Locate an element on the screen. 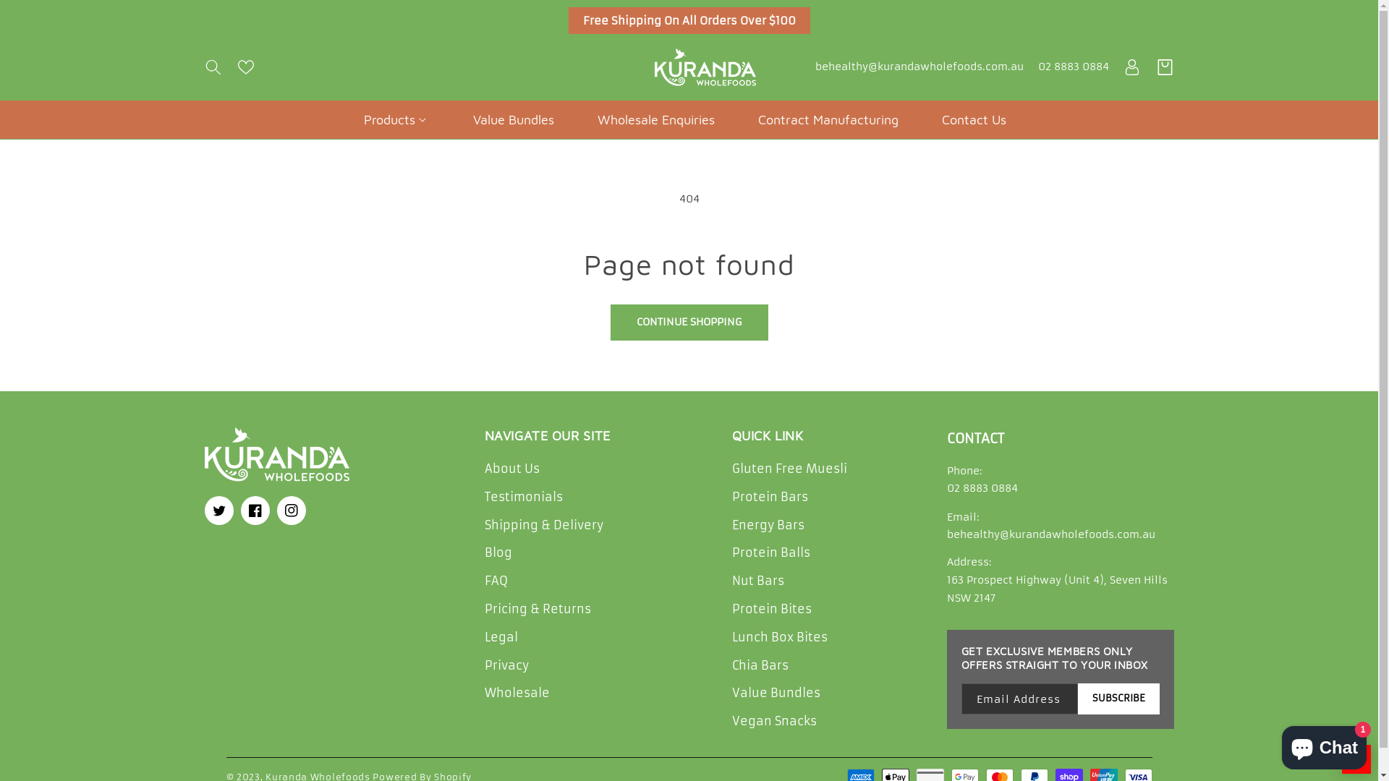 The width and height of the screenshot is (1389, 781). 'Vegan Snacks' is located at coordinates (773, 721).